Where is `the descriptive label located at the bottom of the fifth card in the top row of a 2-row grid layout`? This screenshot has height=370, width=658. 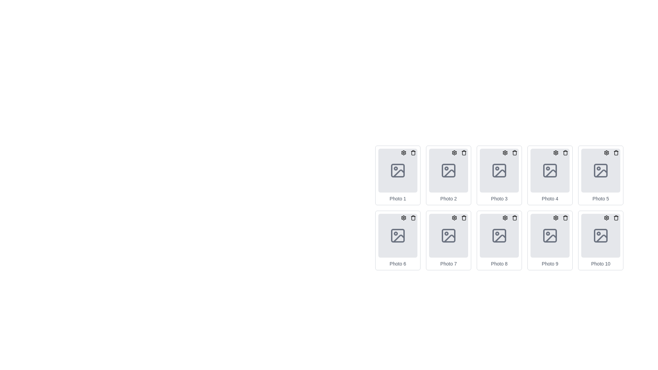
the descriptive label located at the bottom of the fifth card in the top row of a 2-row grid layout is located at coordinates (600, 198).